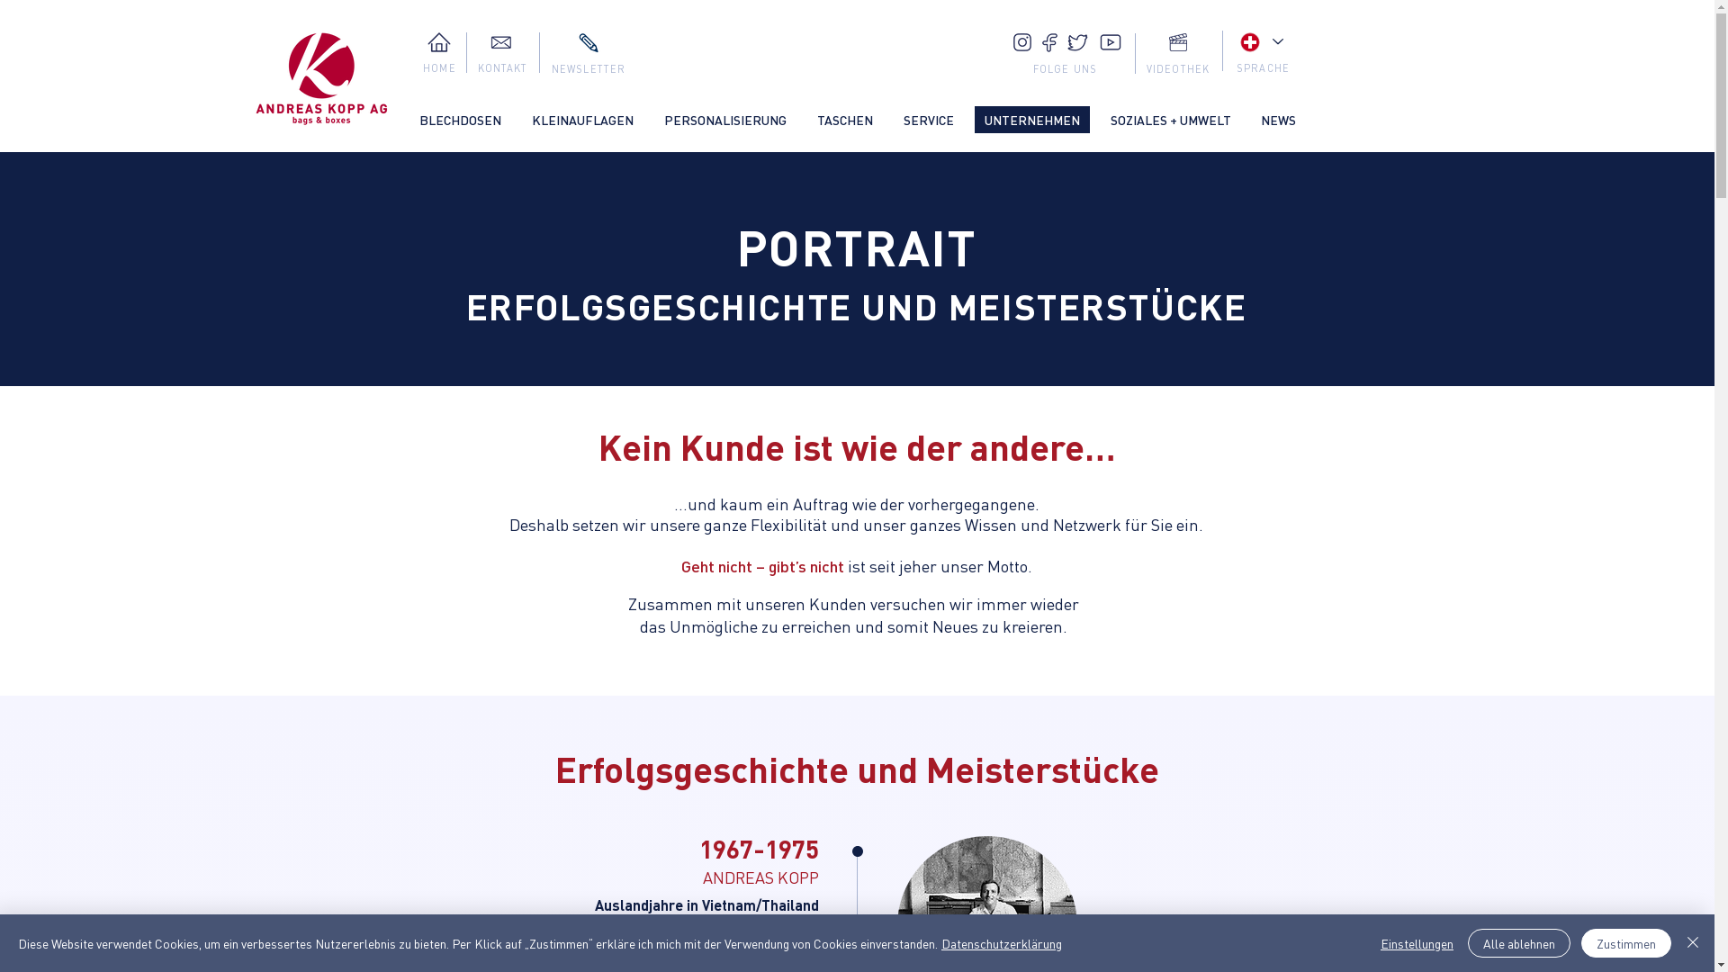 The width and height of the screenshot is (1728, 972). I want to click on 'Youtube', so click(1109, 40).